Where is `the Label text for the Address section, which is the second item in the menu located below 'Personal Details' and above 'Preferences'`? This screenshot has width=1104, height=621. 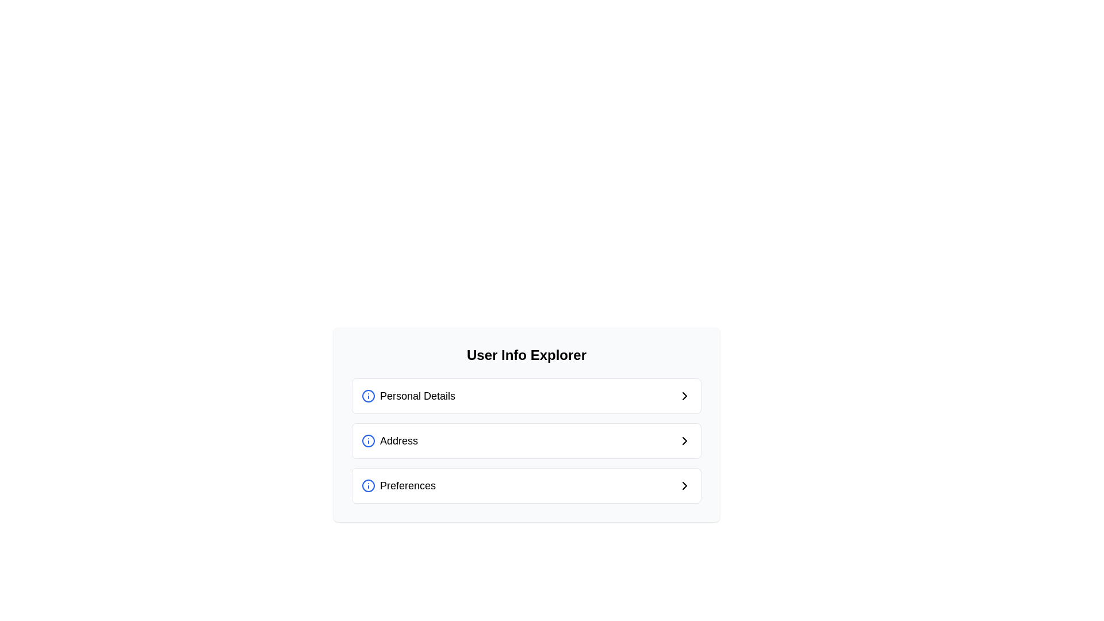 the Label text for the Address section, which is the second item in the menu located below 'Personal Details' and above 'Preferences' is located at coordinates (399, 440).